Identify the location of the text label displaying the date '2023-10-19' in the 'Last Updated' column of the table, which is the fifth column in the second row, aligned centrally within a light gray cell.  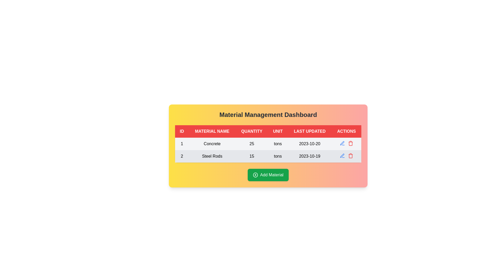
(310, 156).